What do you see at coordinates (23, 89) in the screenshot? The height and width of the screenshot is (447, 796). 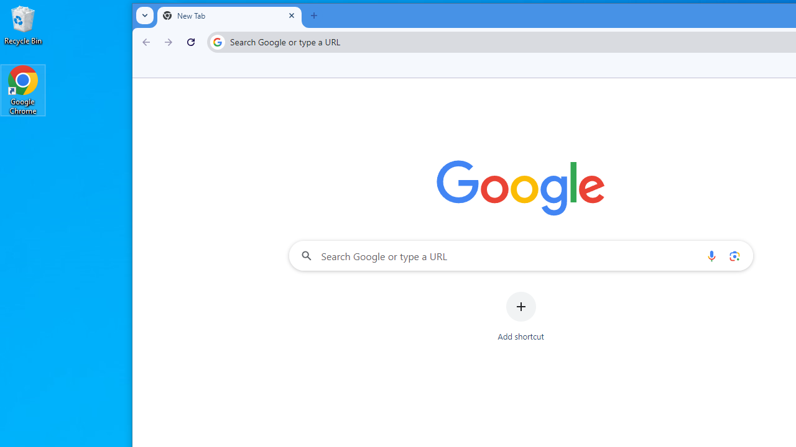 I see `'Google Chrome'` at bounding box center [23, 89].